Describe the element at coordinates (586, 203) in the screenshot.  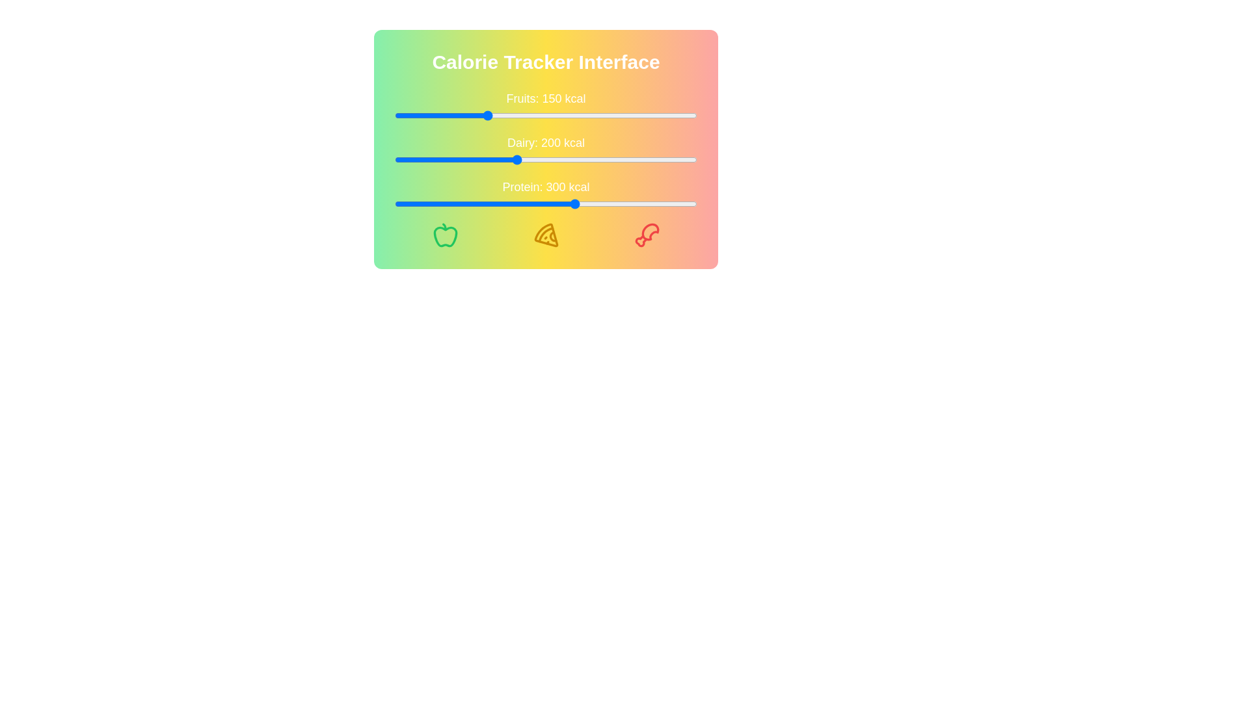
I see `the Protein slider to 318 kcal` at that location.